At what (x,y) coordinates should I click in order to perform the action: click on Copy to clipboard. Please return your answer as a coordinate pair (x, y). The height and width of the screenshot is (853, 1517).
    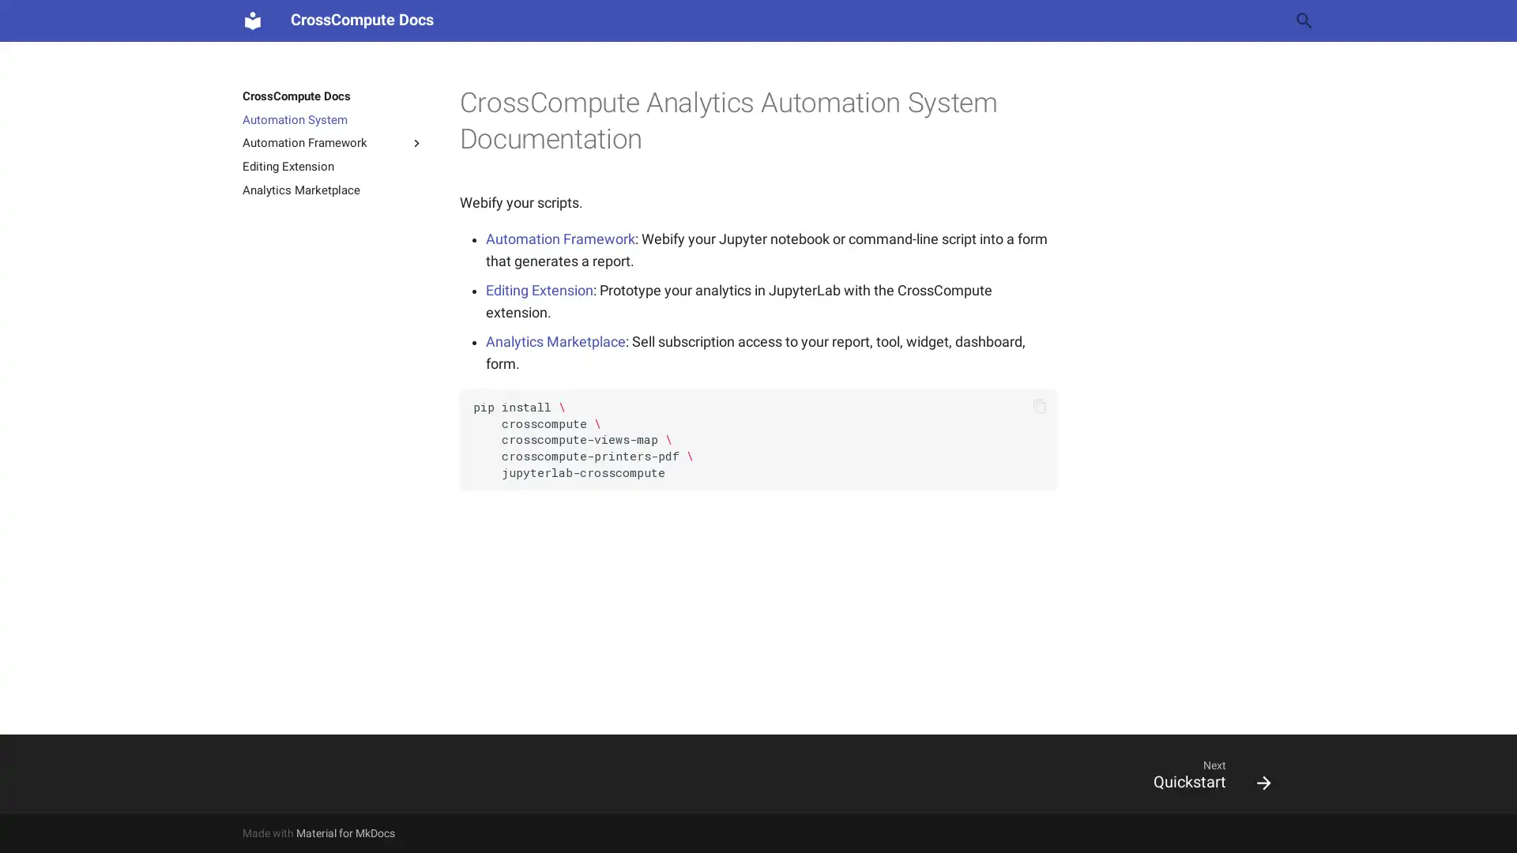
    Looking at the image, I should click on (1039, 405).